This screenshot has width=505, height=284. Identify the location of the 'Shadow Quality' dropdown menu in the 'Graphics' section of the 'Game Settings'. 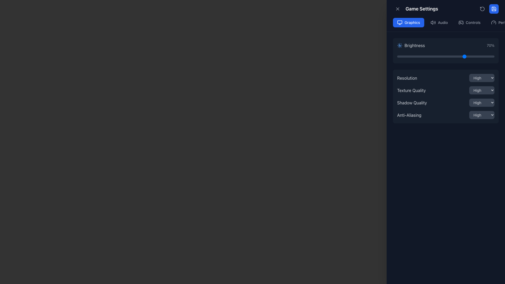
(482, 103).